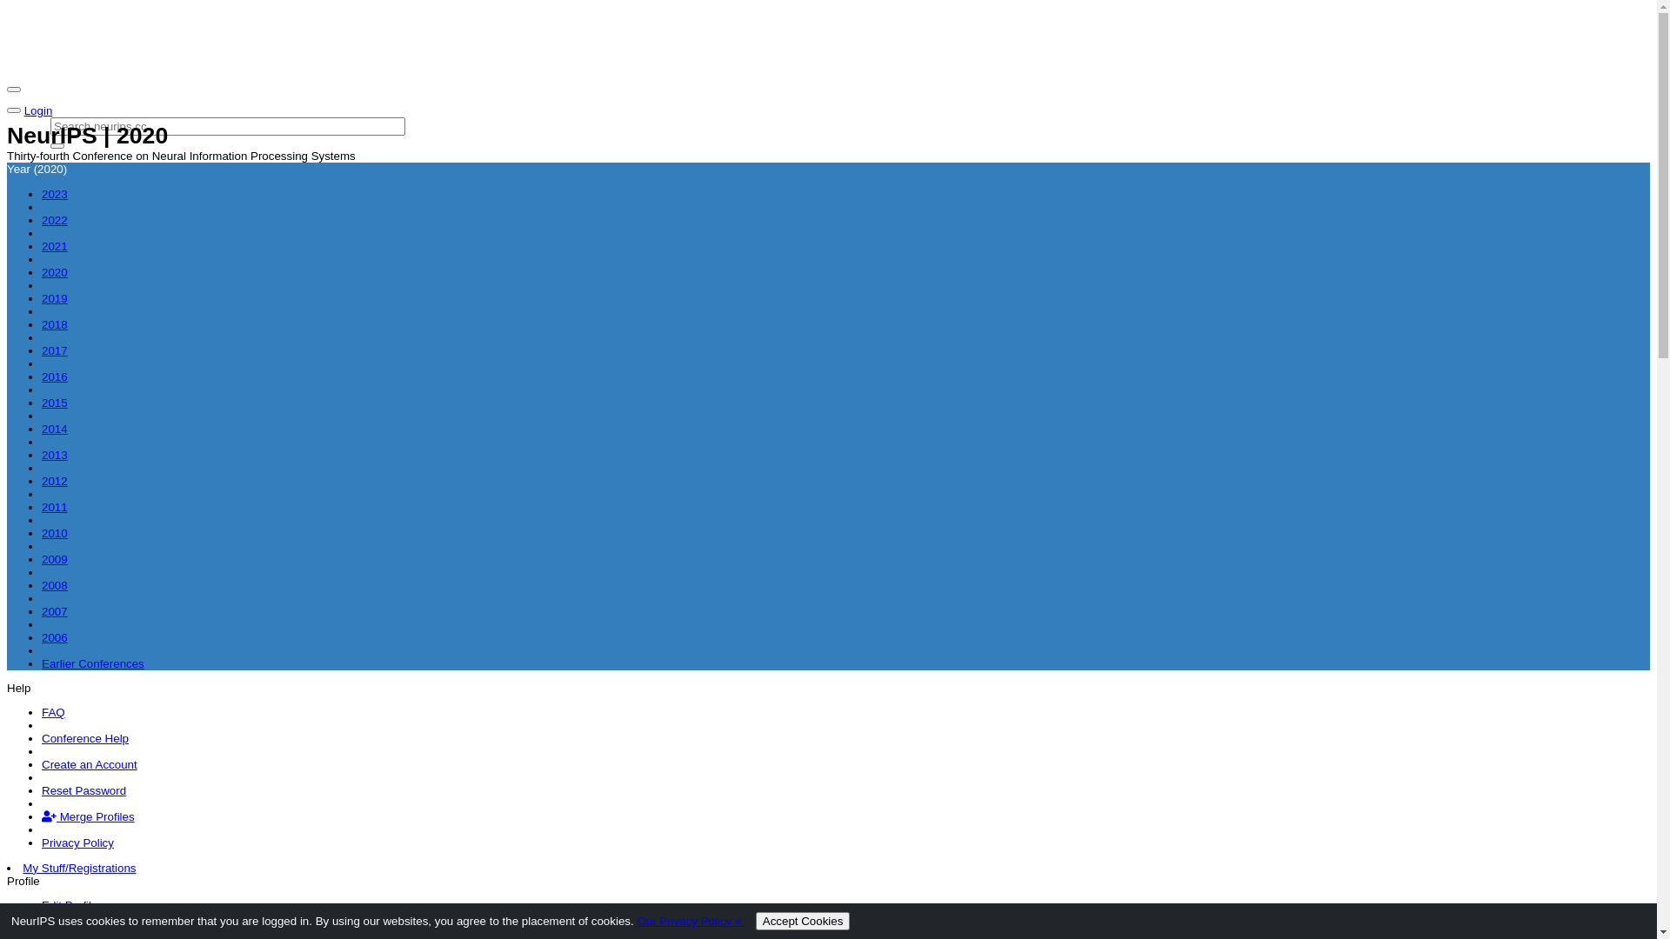 The height and width of the screenshot is (939, 1670). I want to click on 'Toggle navigation', so click(7, 110).